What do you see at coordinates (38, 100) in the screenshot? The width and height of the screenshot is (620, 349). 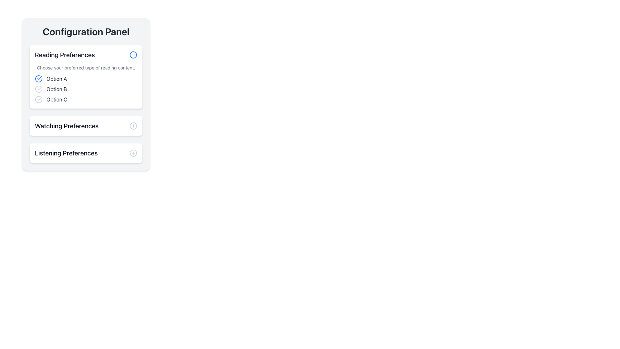 I see `the gray circular icon with a checkmark located in the 'Reading Preferences' section, to the left of the text 'Option C'` at bounding box center [38, 100].